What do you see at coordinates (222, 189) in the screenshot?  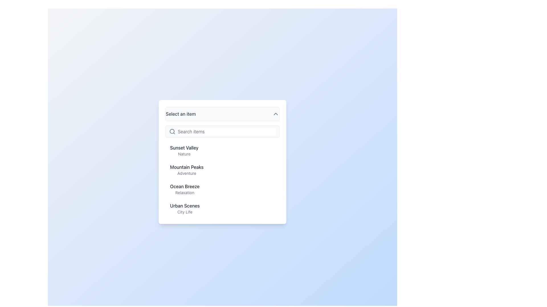 I see `the 'Ocean Breeze' selectable menu item, which is the third item in the list under 'Select an item'` at bounding box center [222, 189].